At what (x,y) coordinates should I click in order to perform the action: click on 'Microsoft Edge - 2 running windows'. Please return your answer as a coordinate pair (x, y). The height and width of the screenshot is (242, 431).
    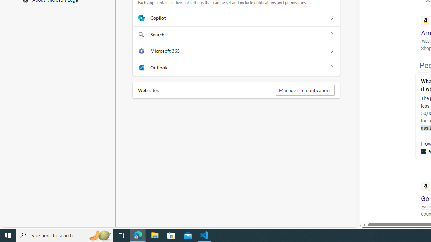
    Looking at the image, I should click on (138, 235).